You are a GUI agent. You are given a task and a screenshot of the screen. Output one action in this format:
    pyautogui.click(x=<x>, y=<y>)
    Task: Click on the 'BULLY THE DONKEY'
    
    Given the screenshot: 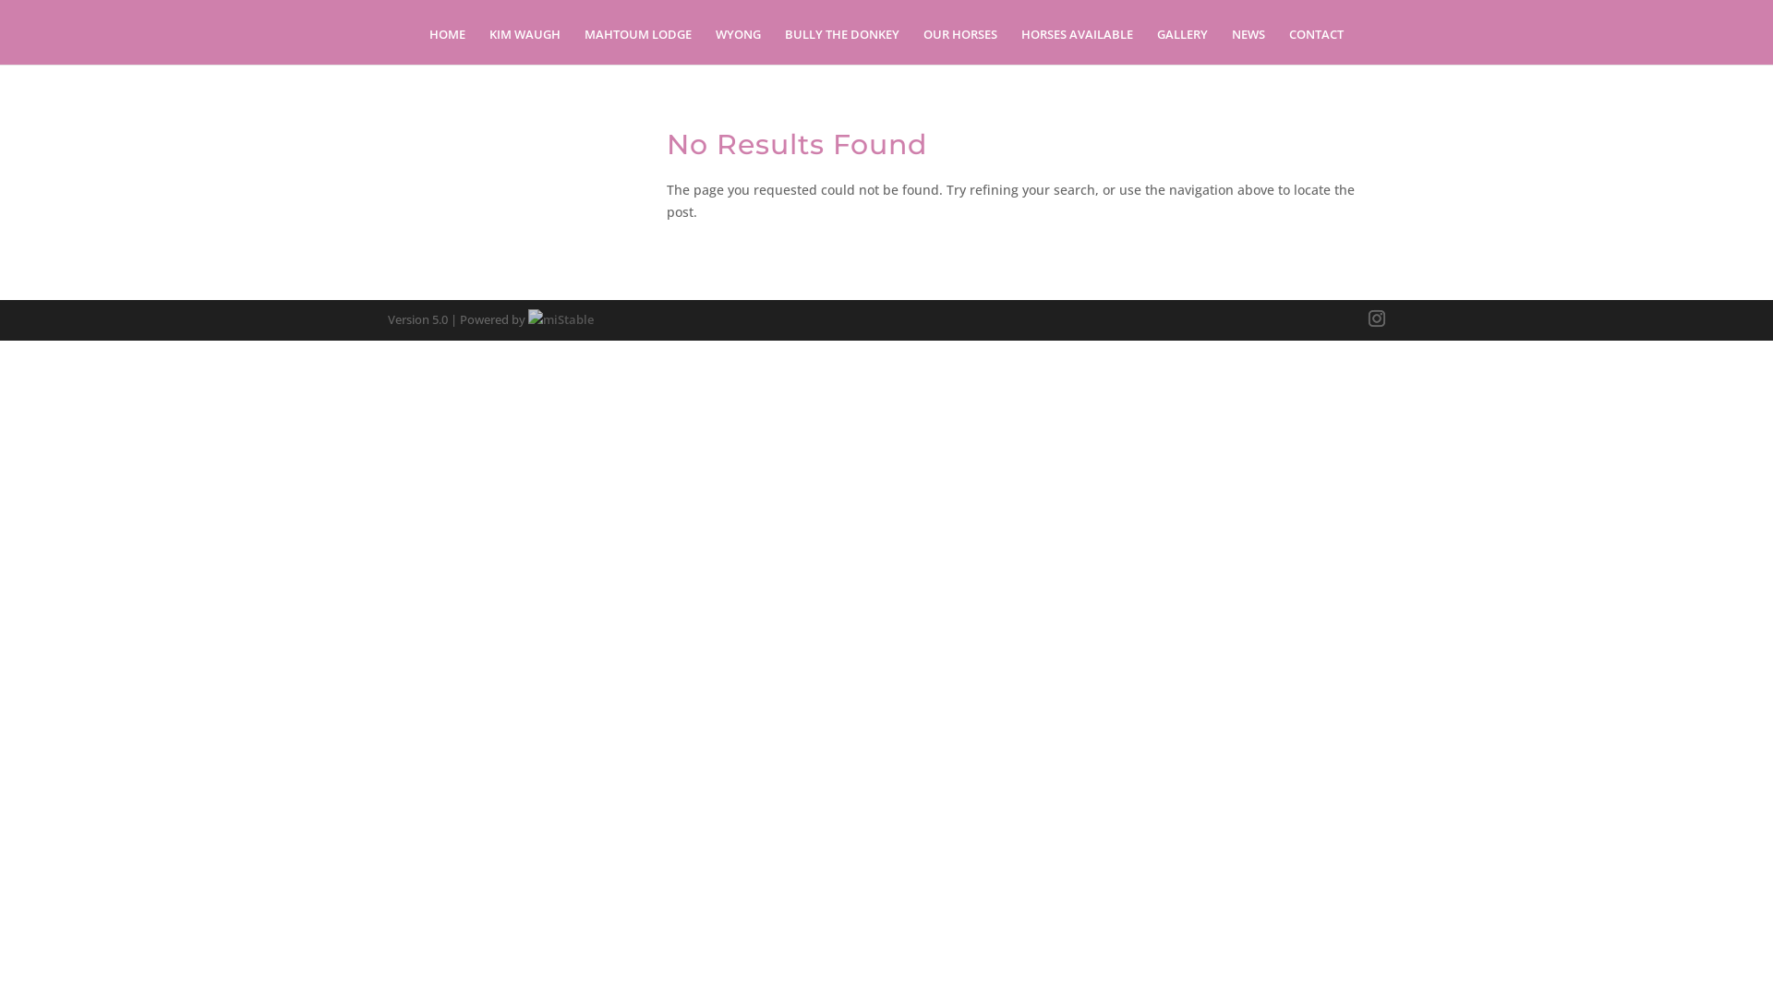 What is the action you would take?
    pyautogui.click(x=841, y=45)
    